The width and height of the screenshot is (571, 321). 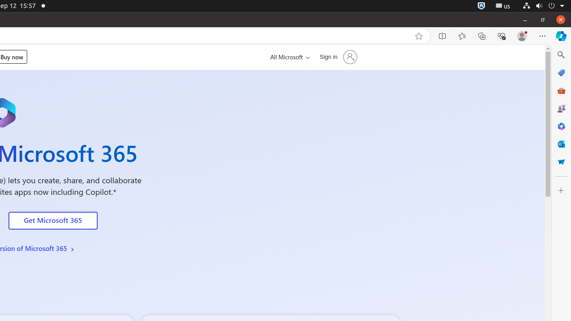 I want to click on 'Collections', so click(x=481, y=36).